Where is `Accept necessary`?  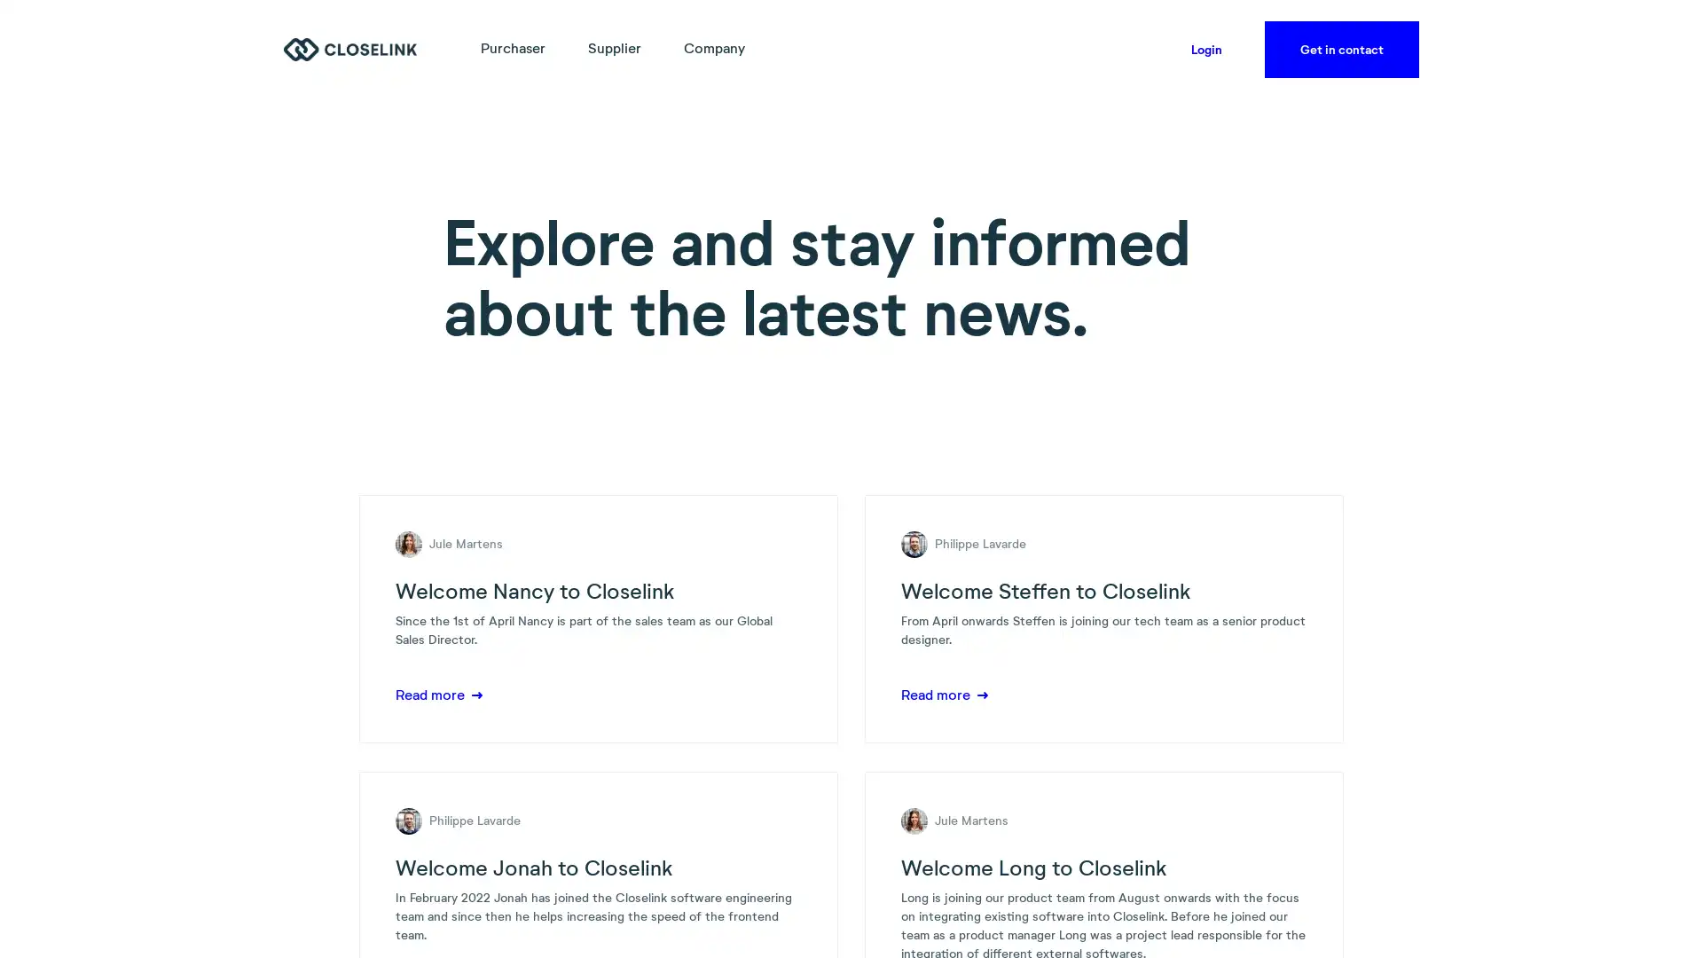 Accept necessary is located at coordinates (734, 618).